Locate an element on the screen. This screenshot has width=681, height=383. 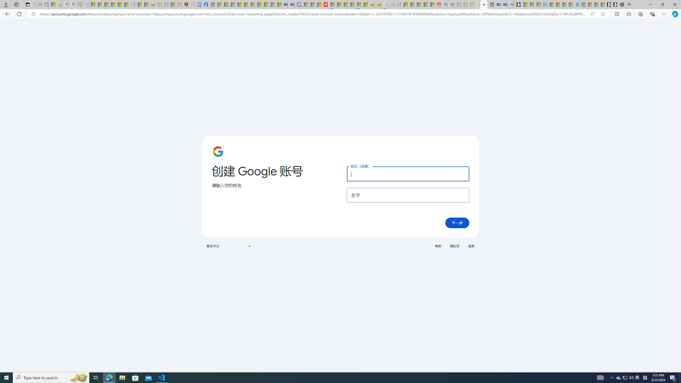
'Combat Siege - Sleeping' is located at coordinates (131, 4).